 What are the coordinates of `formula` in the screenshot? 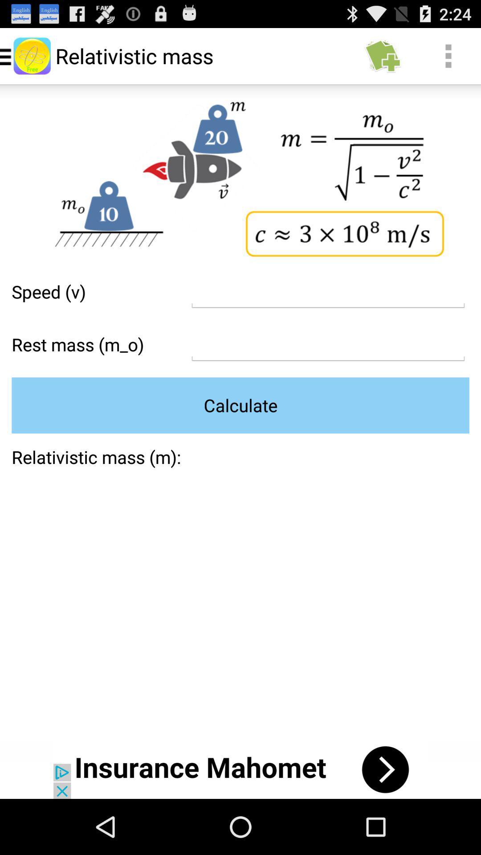 It's located at (328, 292).